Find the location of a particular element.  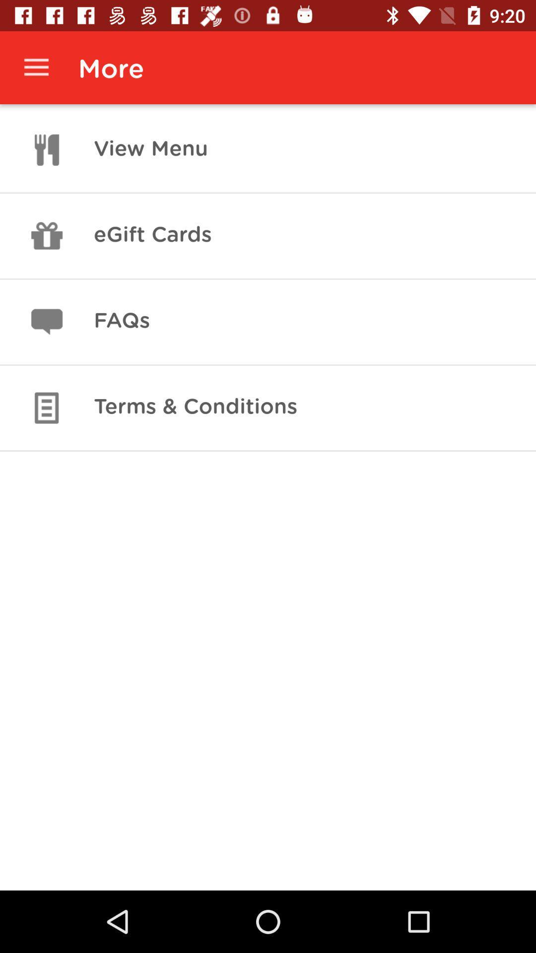

item below faqs is located at coordinates (196, 408).